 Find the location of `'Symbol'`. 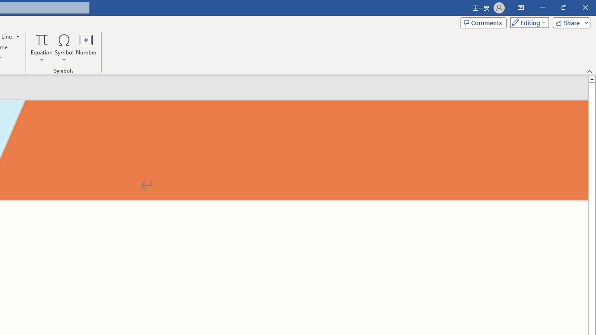

'Symbol' is located at coordinates (64, 48).